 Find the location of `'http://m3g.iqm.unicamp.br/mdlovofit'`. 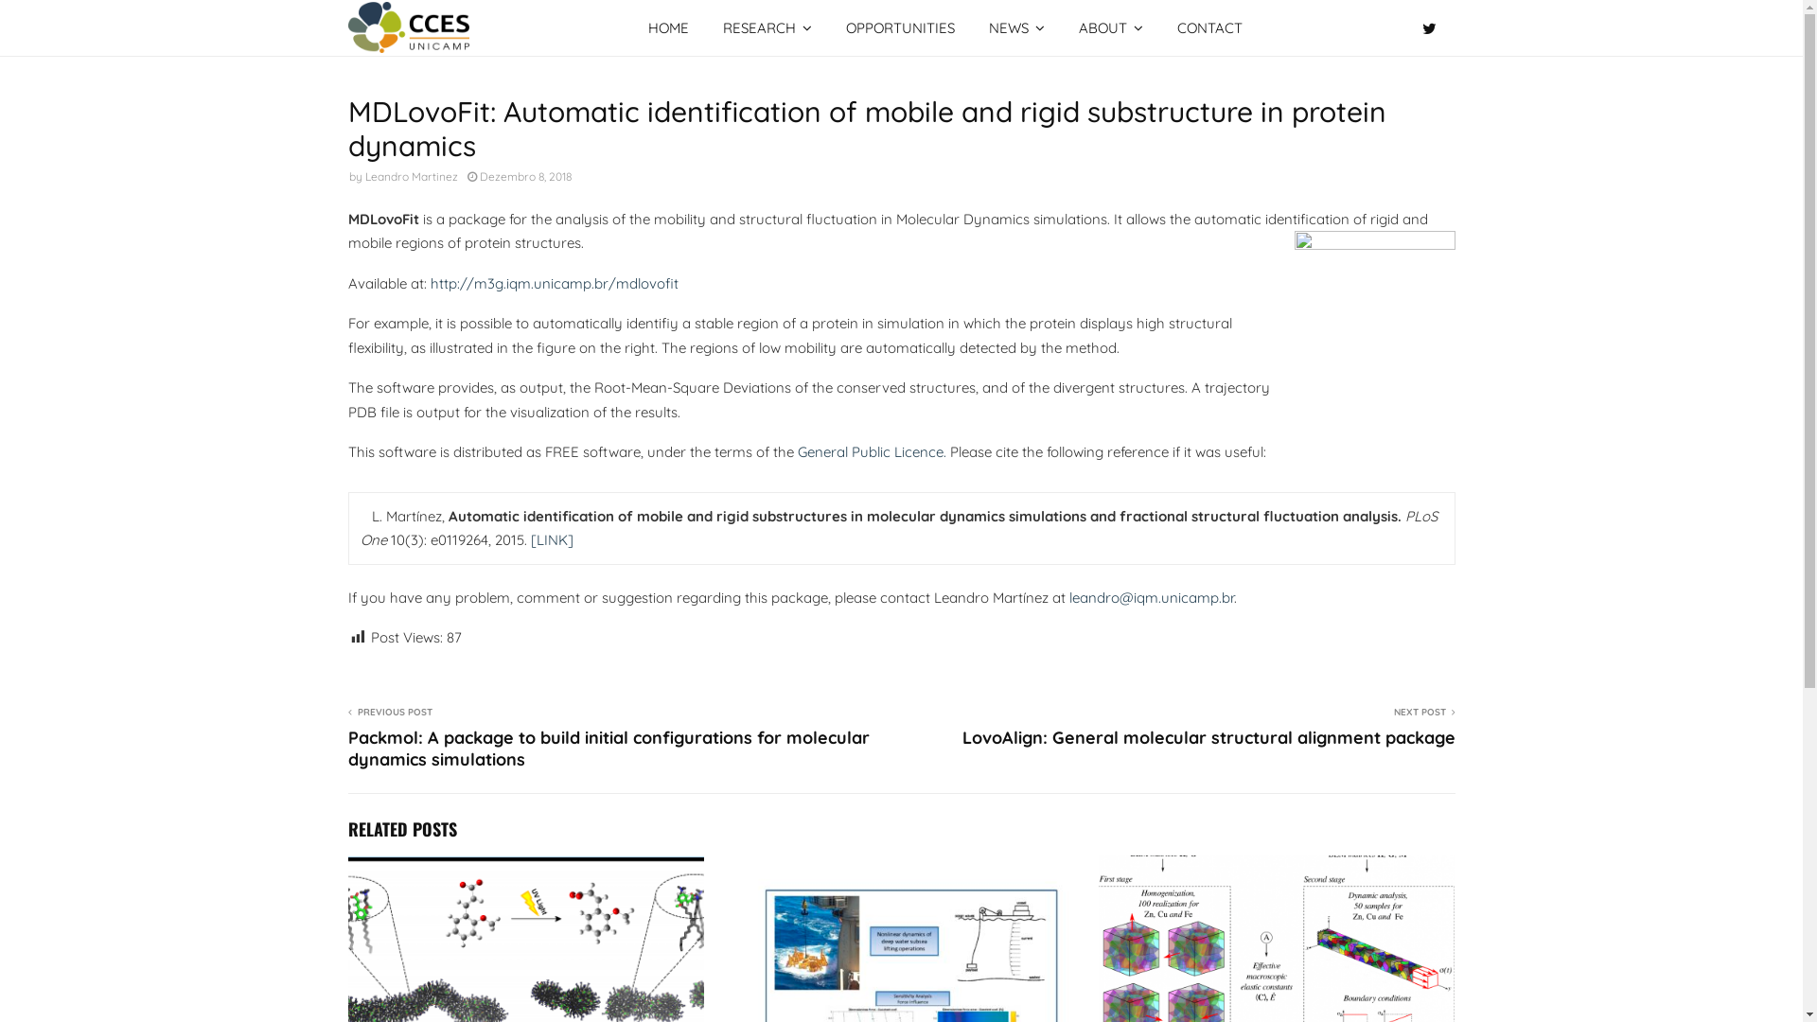

'http://m3g.iqm.unicamp.br/mdlovofit' is located at coordinates (553, 283).